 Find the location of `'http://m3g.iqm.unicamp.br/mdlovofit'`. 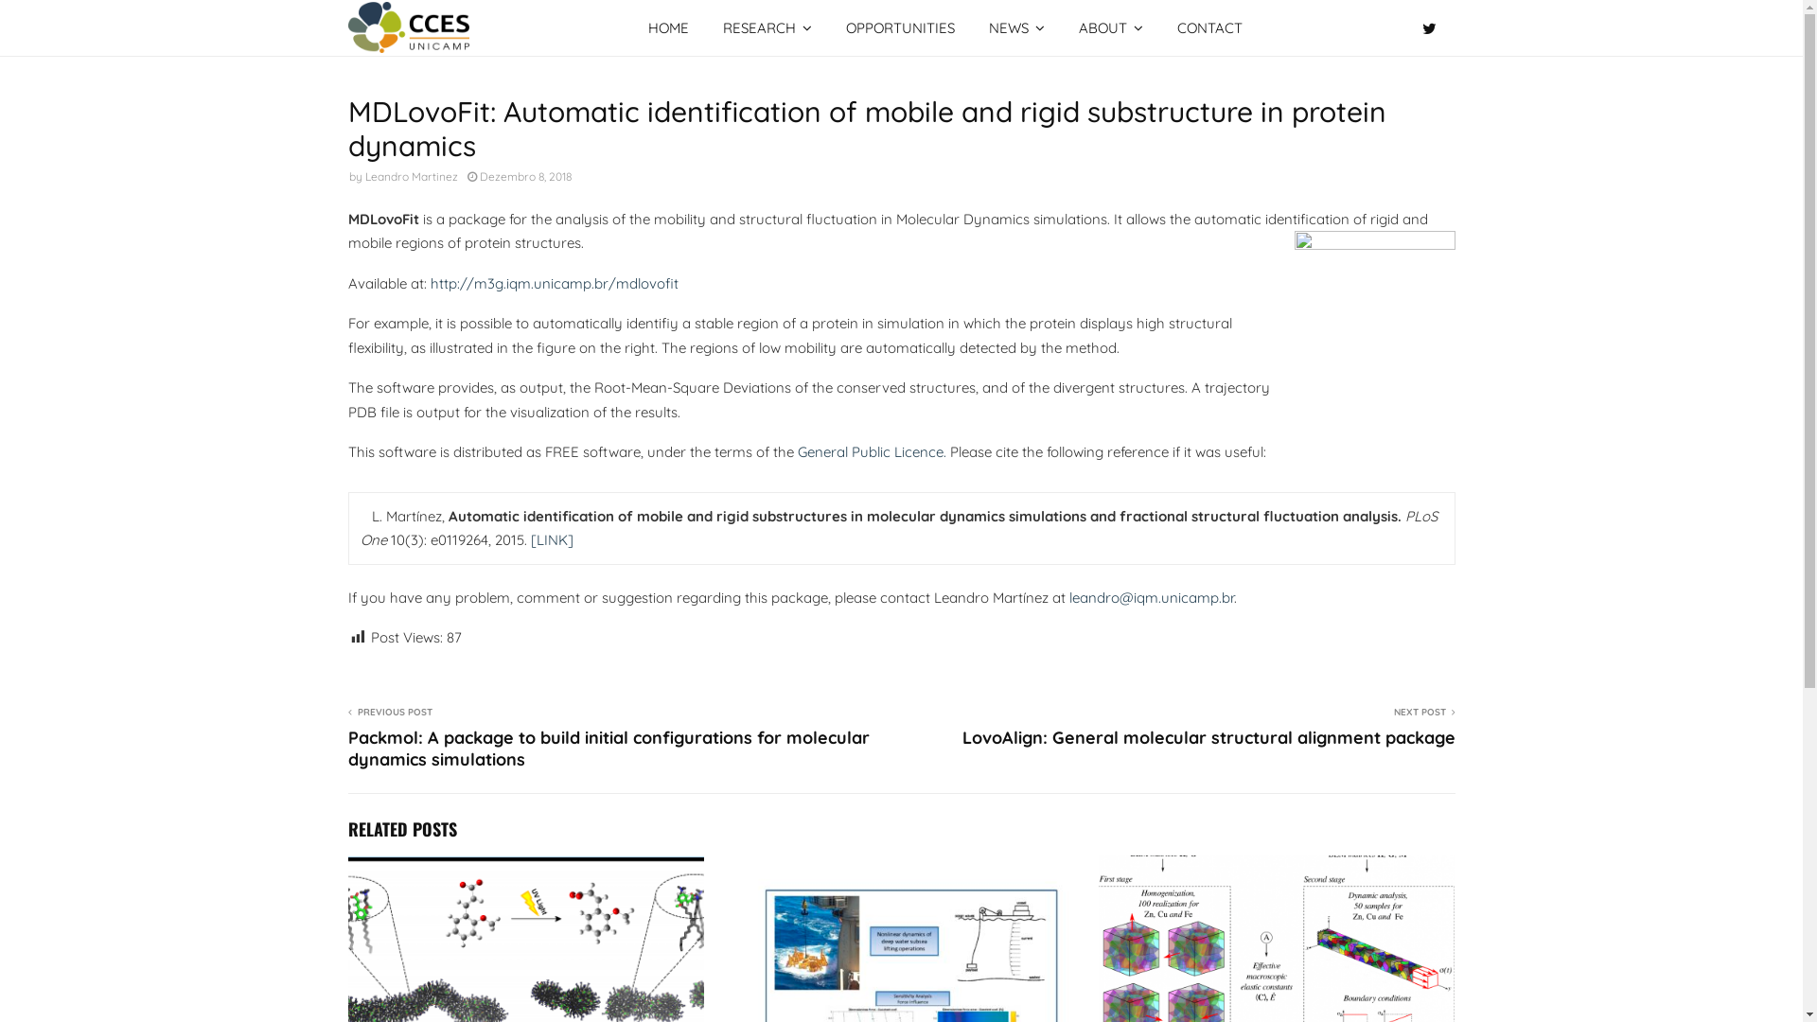

'http://m3g.iqm.unicamp.br/mdlovofit' is located at coordinates (553, 283).